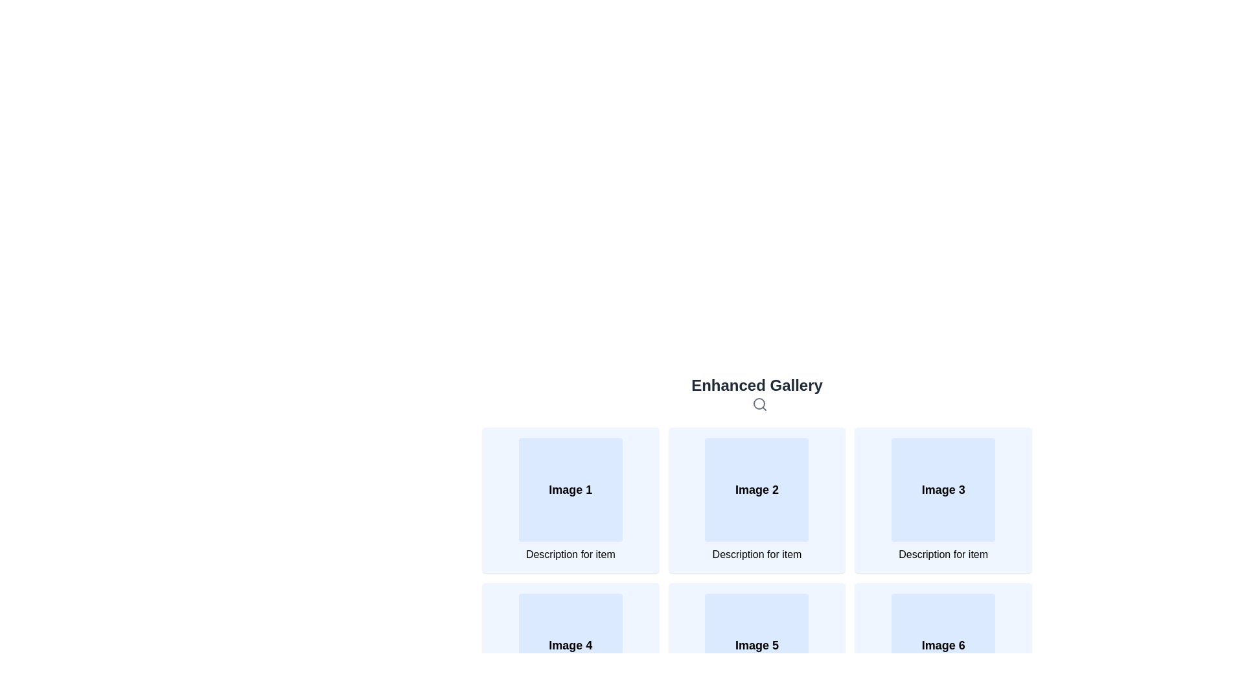  Describe the element at coordinates (757, 554) in the screenshot. I see `text content of the label displaying 'Description for item', which is positioned below the image placeholder labeled 'Image 2' in a card structure with a blue background` at that location.